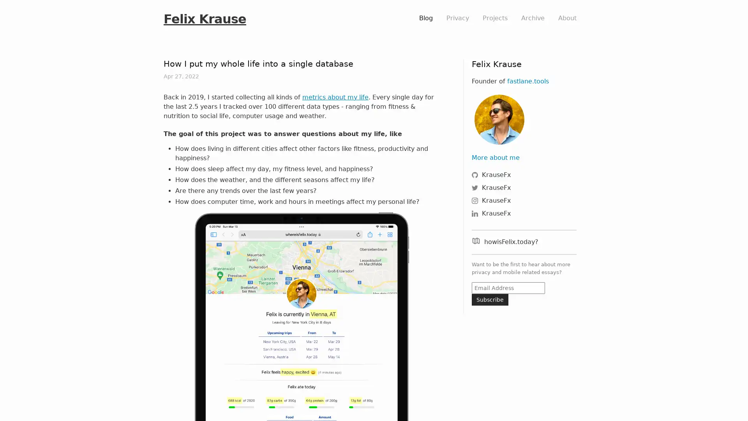 This screenshot has width=748, height=421. I want to click on Subscribe, so click(489, 299).